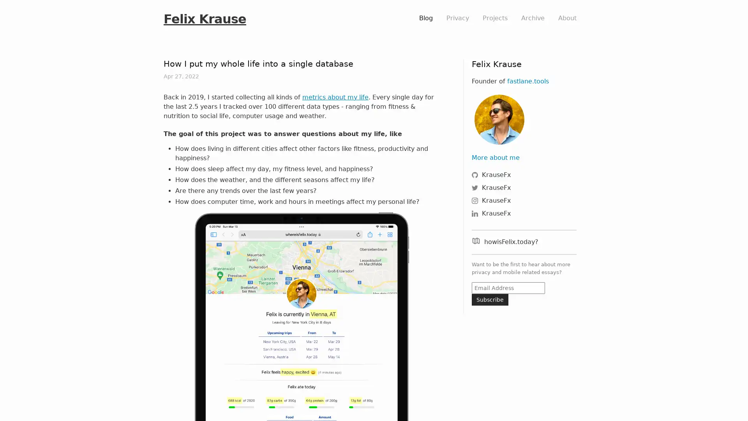 This screenshot has width=748, height=421. I want to click on Subscribe, so click(489, 299).